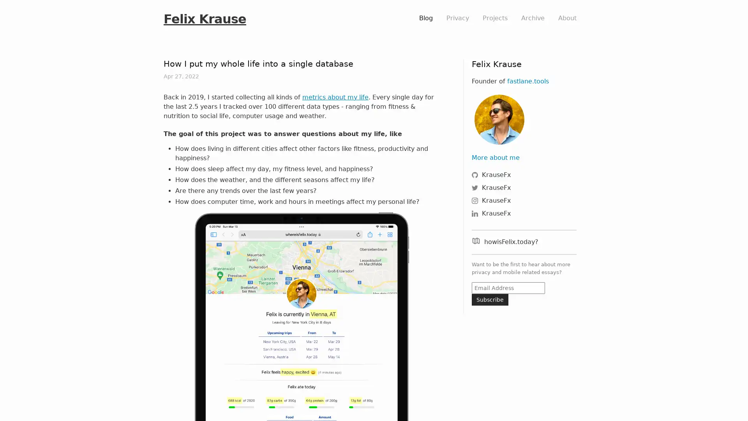 This screenshot has width=748, height=421. I want to click on Subscribe, so click(489, 299).